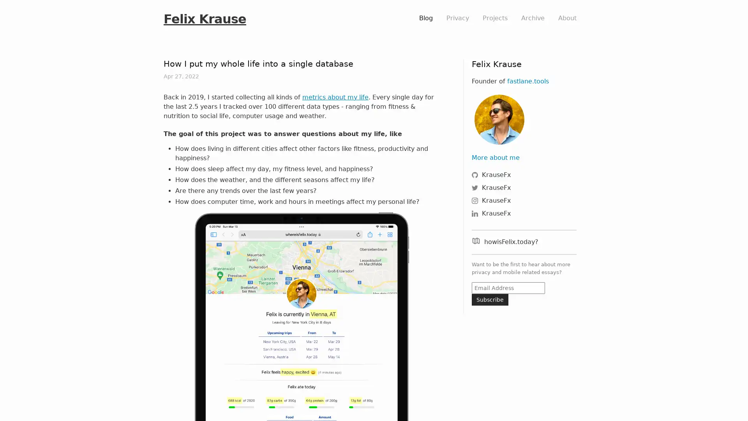 This screenshot has width=748, height=421. I want to click on Subscribe, so click(489, 299).